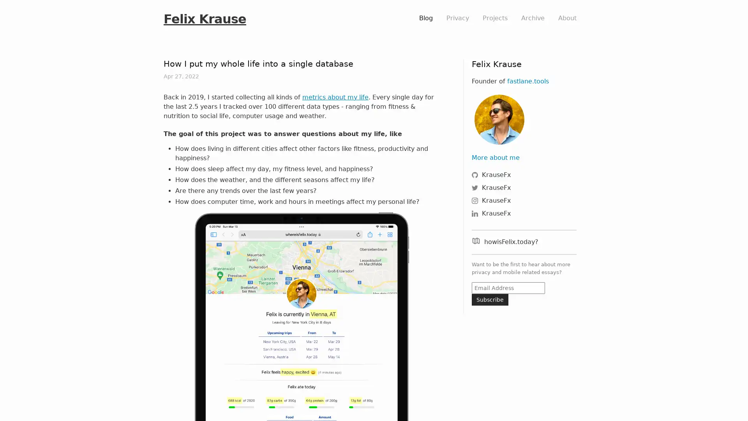 This screenshot has width=748, height=421. I want to click on Subscribe, so click(489, 299).